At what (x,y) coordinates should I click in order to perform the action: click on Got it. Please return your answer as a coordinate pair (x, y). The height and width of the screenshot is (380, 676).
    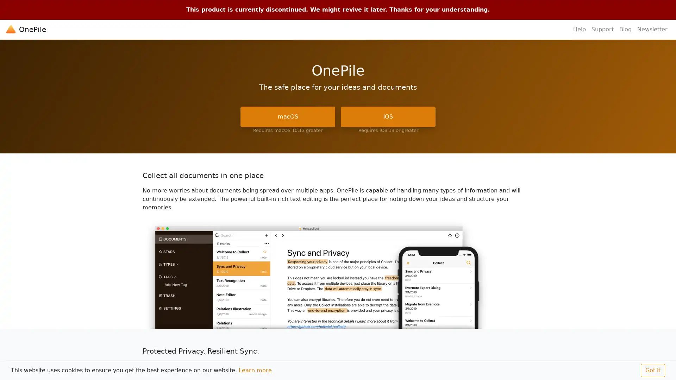
    Looking at the image, I should click on (652, 370).